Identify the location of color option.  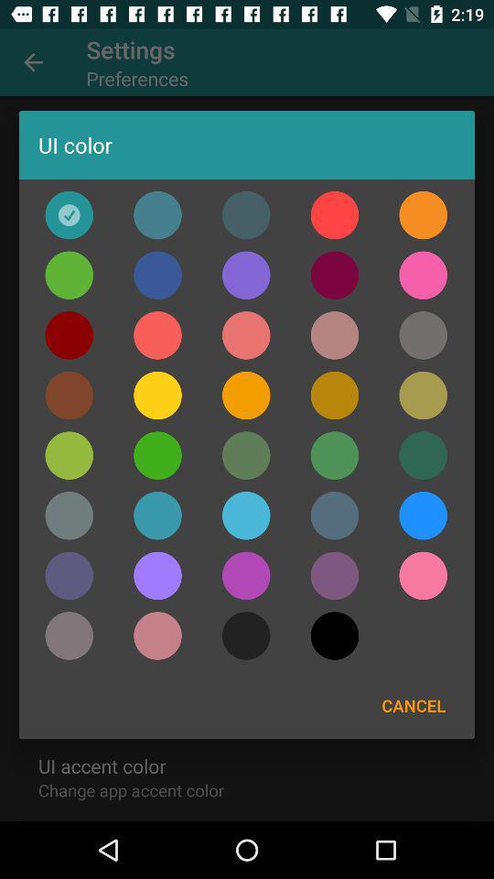
(334, 396).